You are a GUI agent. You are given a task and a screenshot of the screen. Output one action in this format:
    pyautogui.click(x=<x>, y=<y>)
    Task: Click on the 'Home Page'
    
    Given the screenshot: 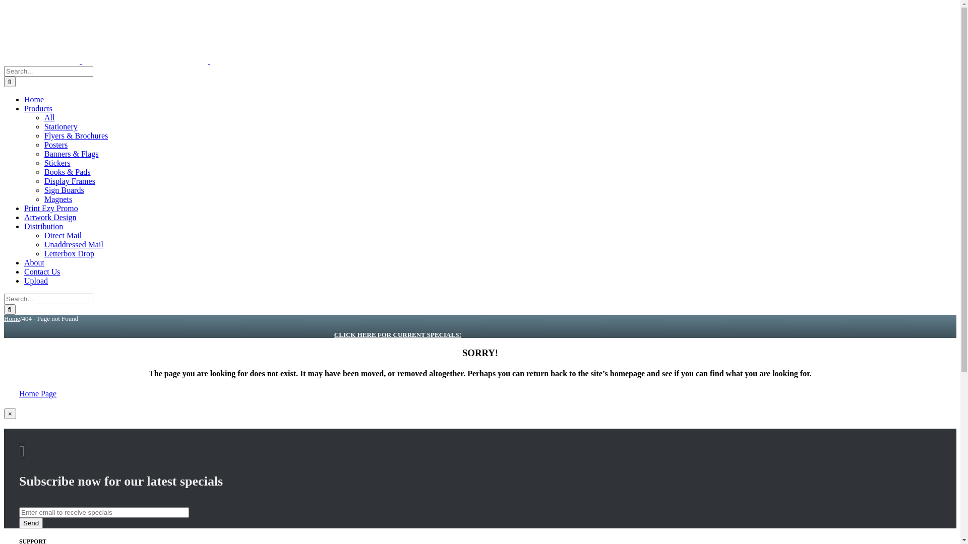 What is the action you would take?
    pyautogui.click(x=38, y=393)
    